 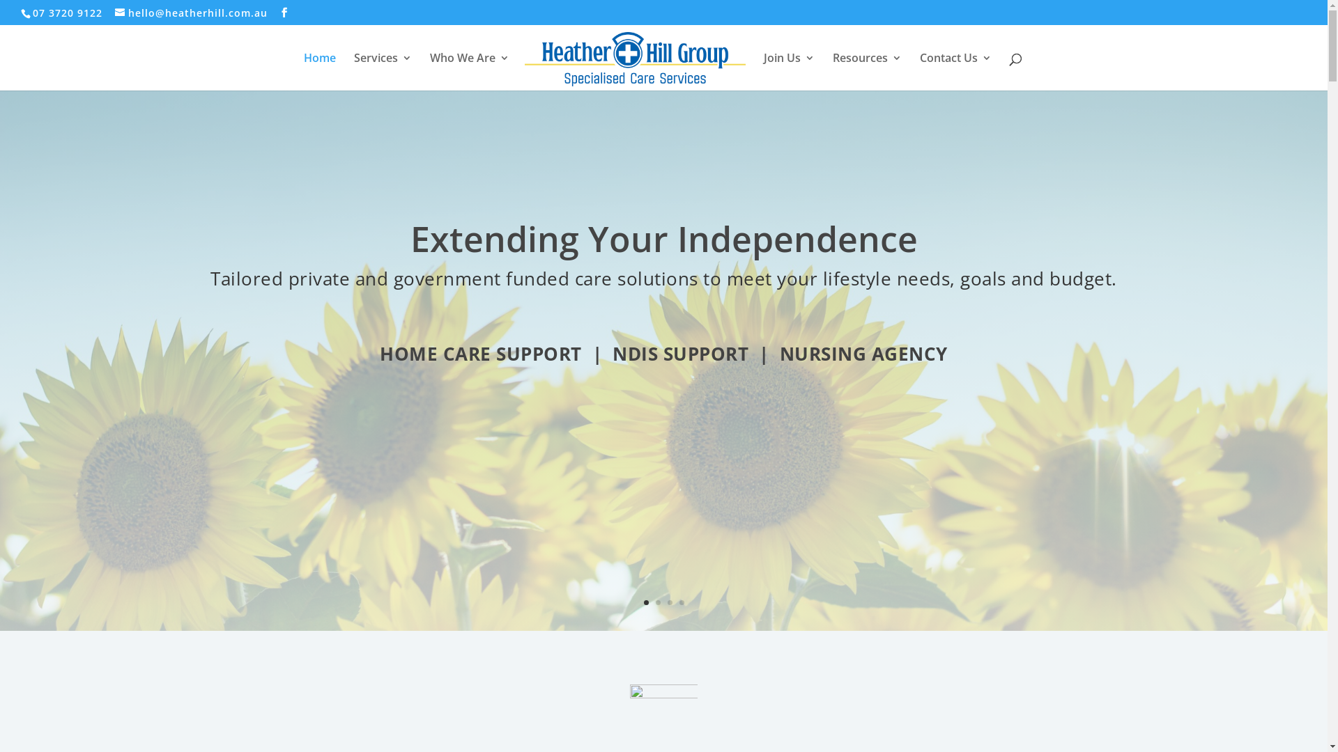 What do you see at coordinates (190, 12) in the screenshot?
I see `'hello@heatherhill.com.au'` at bounding box center [190, 12].